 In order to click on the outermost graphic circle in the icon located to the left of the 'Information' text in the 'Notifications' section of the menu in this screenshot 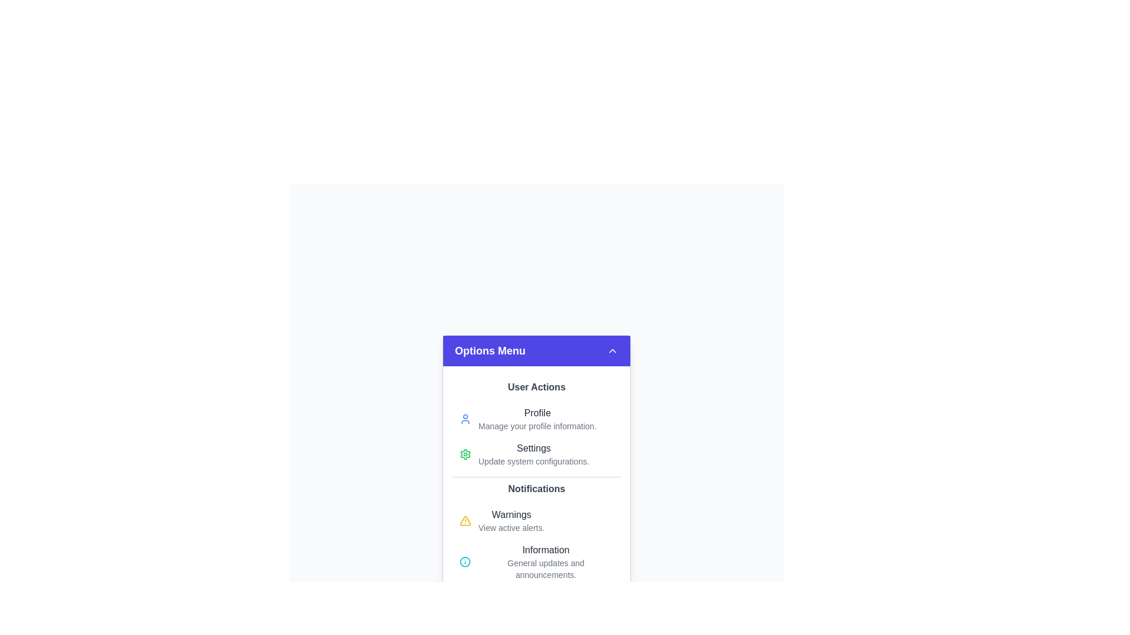, I will do `click(464, 562)`.